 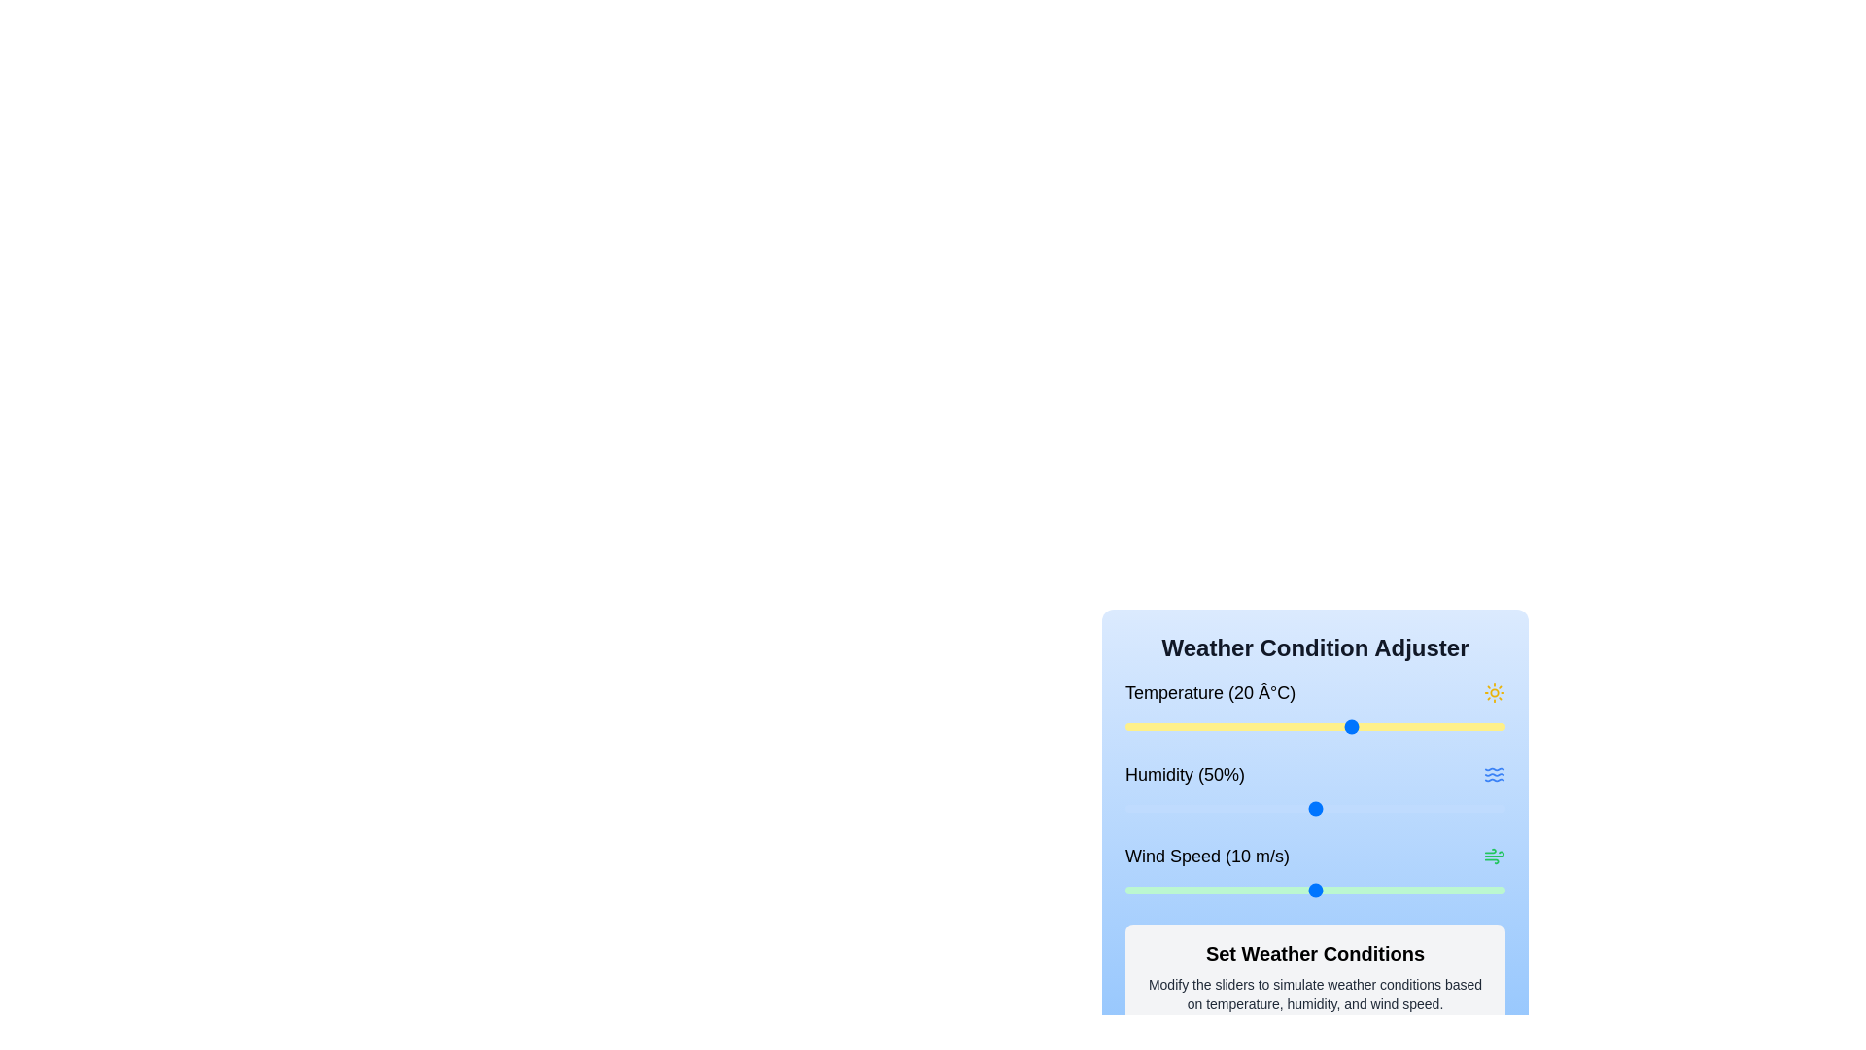 What do you see at coordinates (1156, 727) in the screenshot?
I see `the temperature slider to set the temperature to -6 degrees Celsius` at bounding box center [1156, 727].